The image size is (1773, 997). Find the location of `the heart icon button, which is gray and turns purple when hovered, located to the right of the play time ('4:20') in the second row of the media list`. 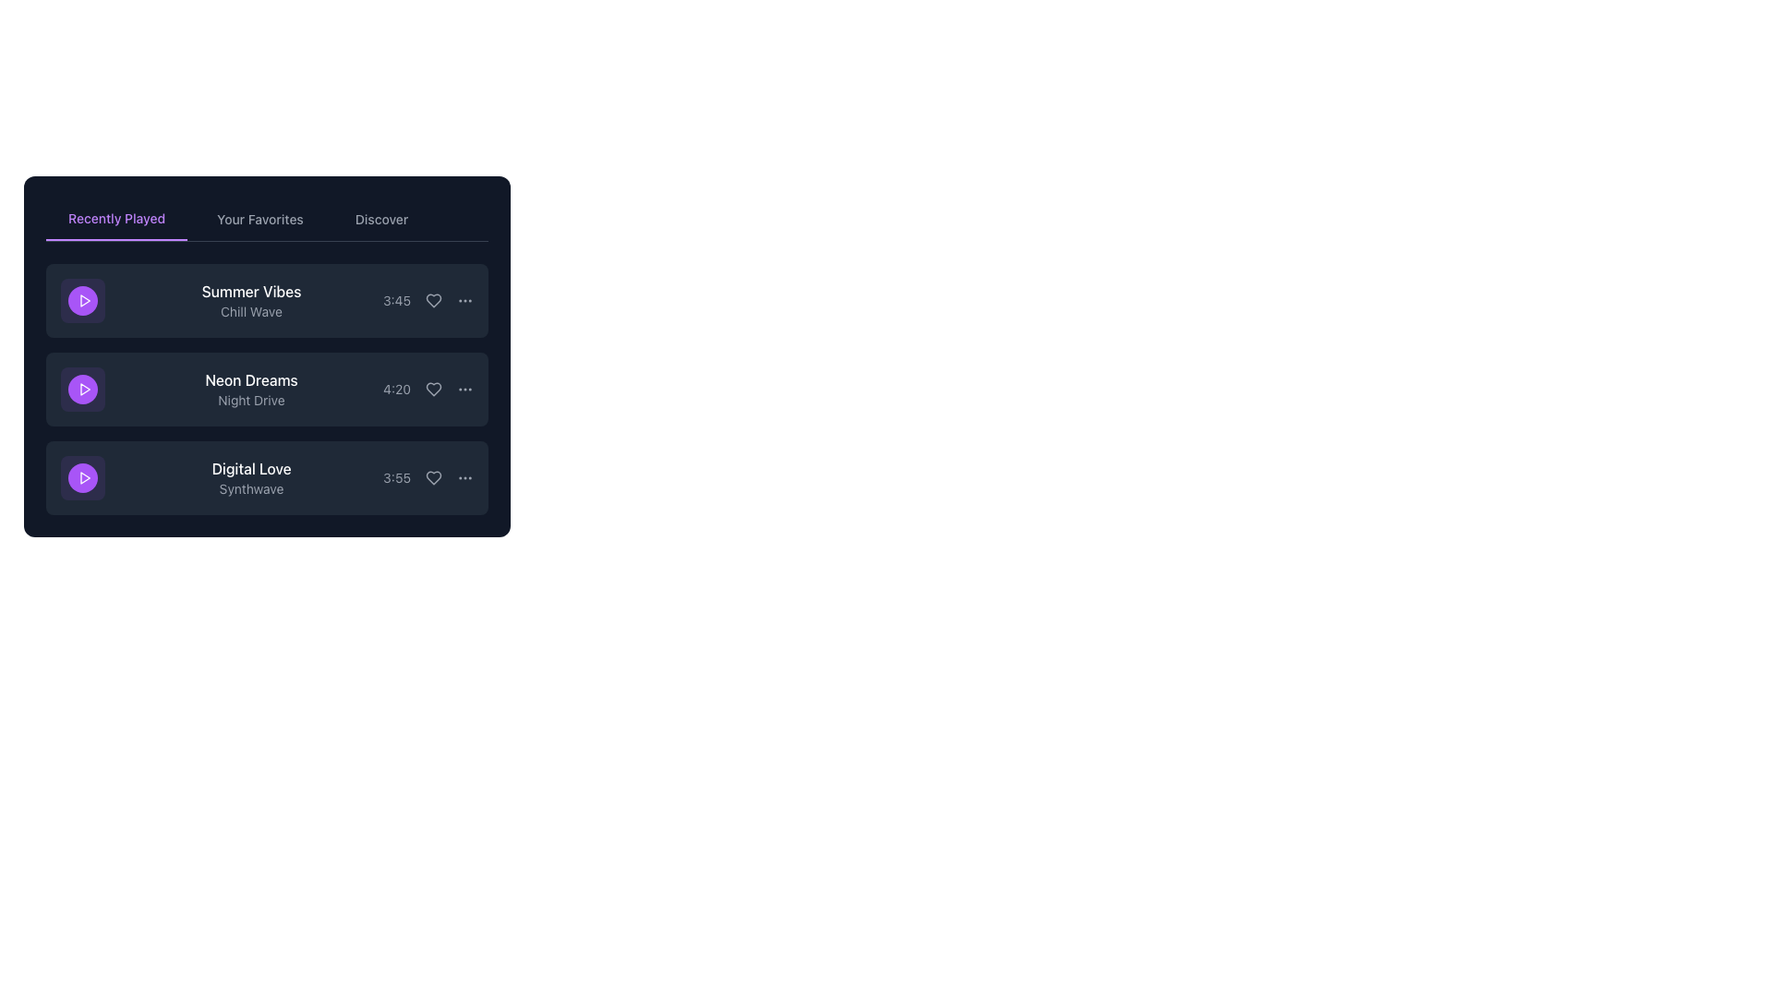

the heart icon button, which is gray and turns purple when hovered, located to the right of the play time ('4:20') in the second row of the media list is located at coordinates (433, 388).